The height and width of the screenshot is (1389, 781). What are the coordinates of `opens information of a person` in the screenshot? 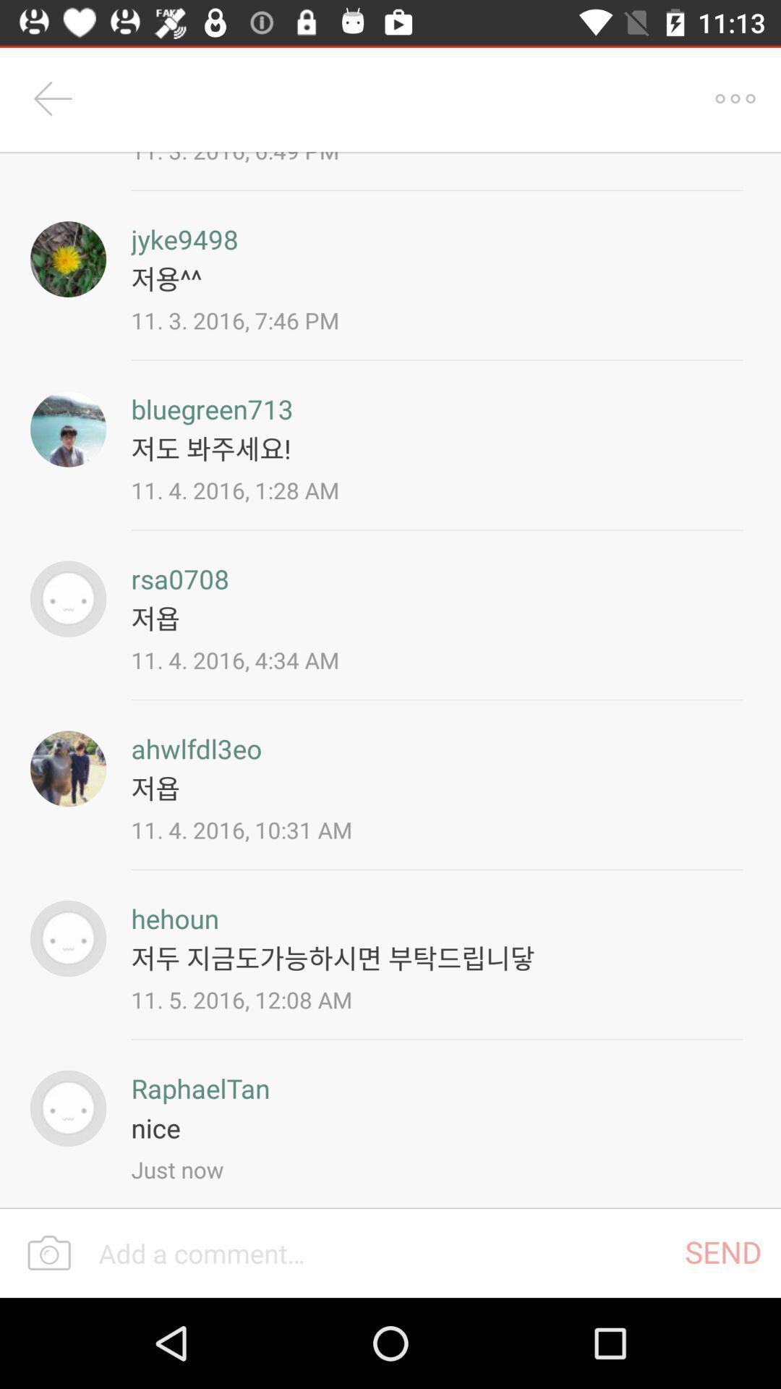 It's located at (68, 428).